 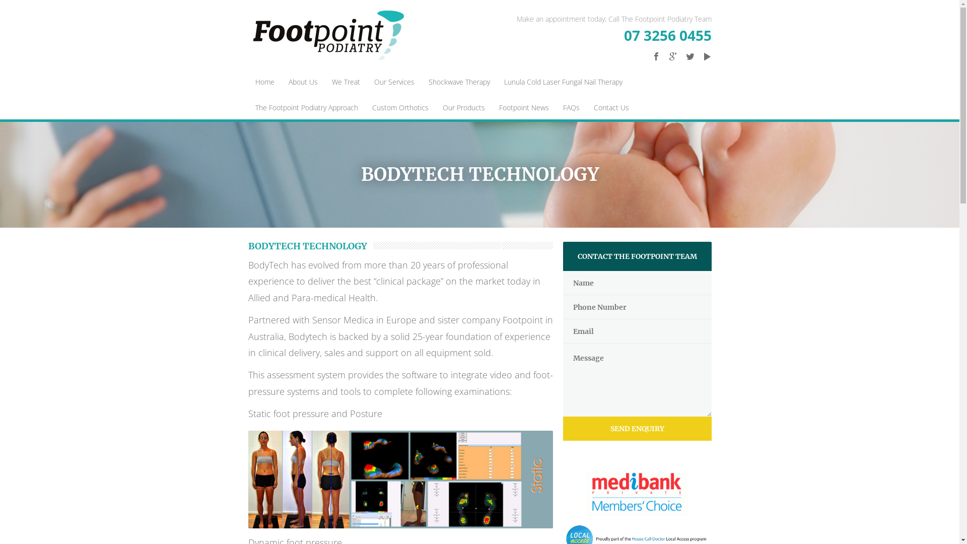 I want to click on 'Custom Orthotics', so click(x=399, y=109).